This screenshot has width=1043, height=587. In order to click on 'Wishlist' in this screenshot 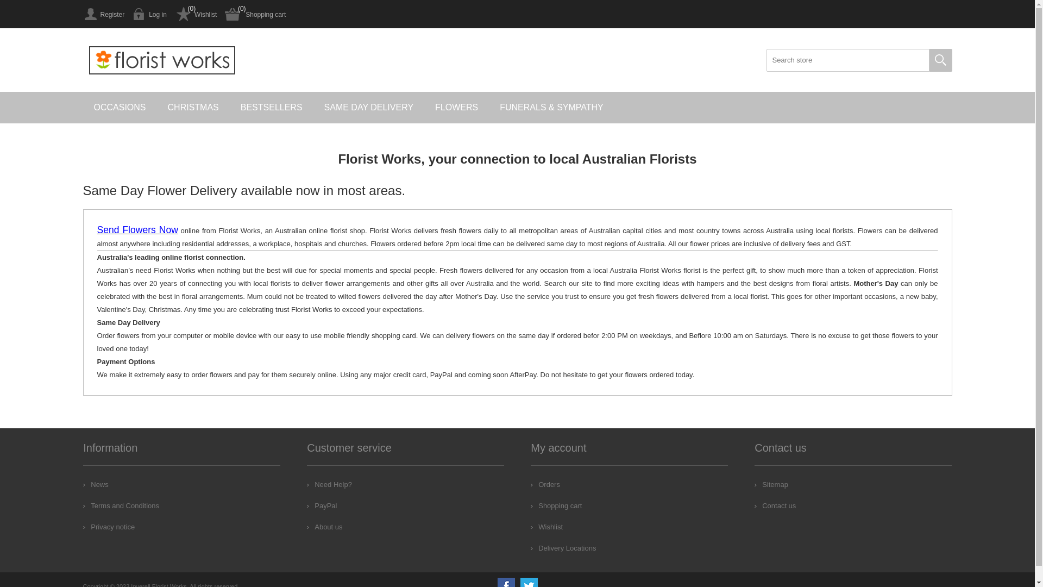, I will do `click(196, 14)`.